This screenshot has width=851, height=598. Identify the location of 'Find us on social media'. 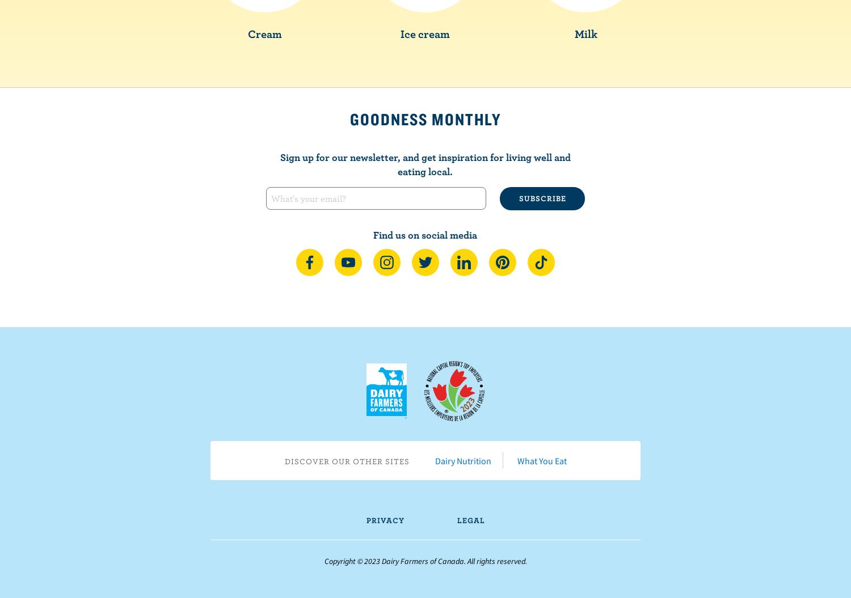
(424, 234).